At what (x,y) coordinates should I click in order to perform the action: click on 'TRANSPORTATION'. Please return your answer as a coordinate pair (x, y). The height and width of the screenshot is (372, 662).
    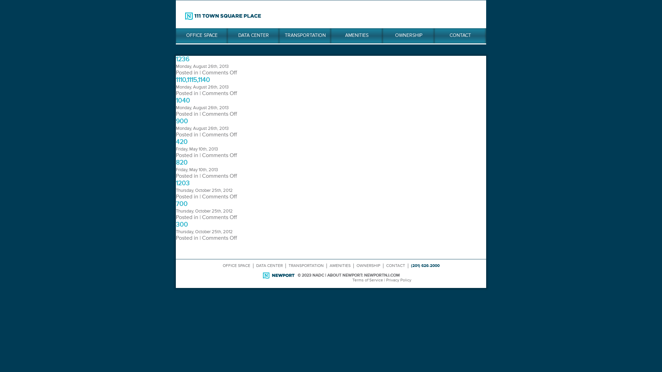
    Looking at the image, I should click on (304, 36).